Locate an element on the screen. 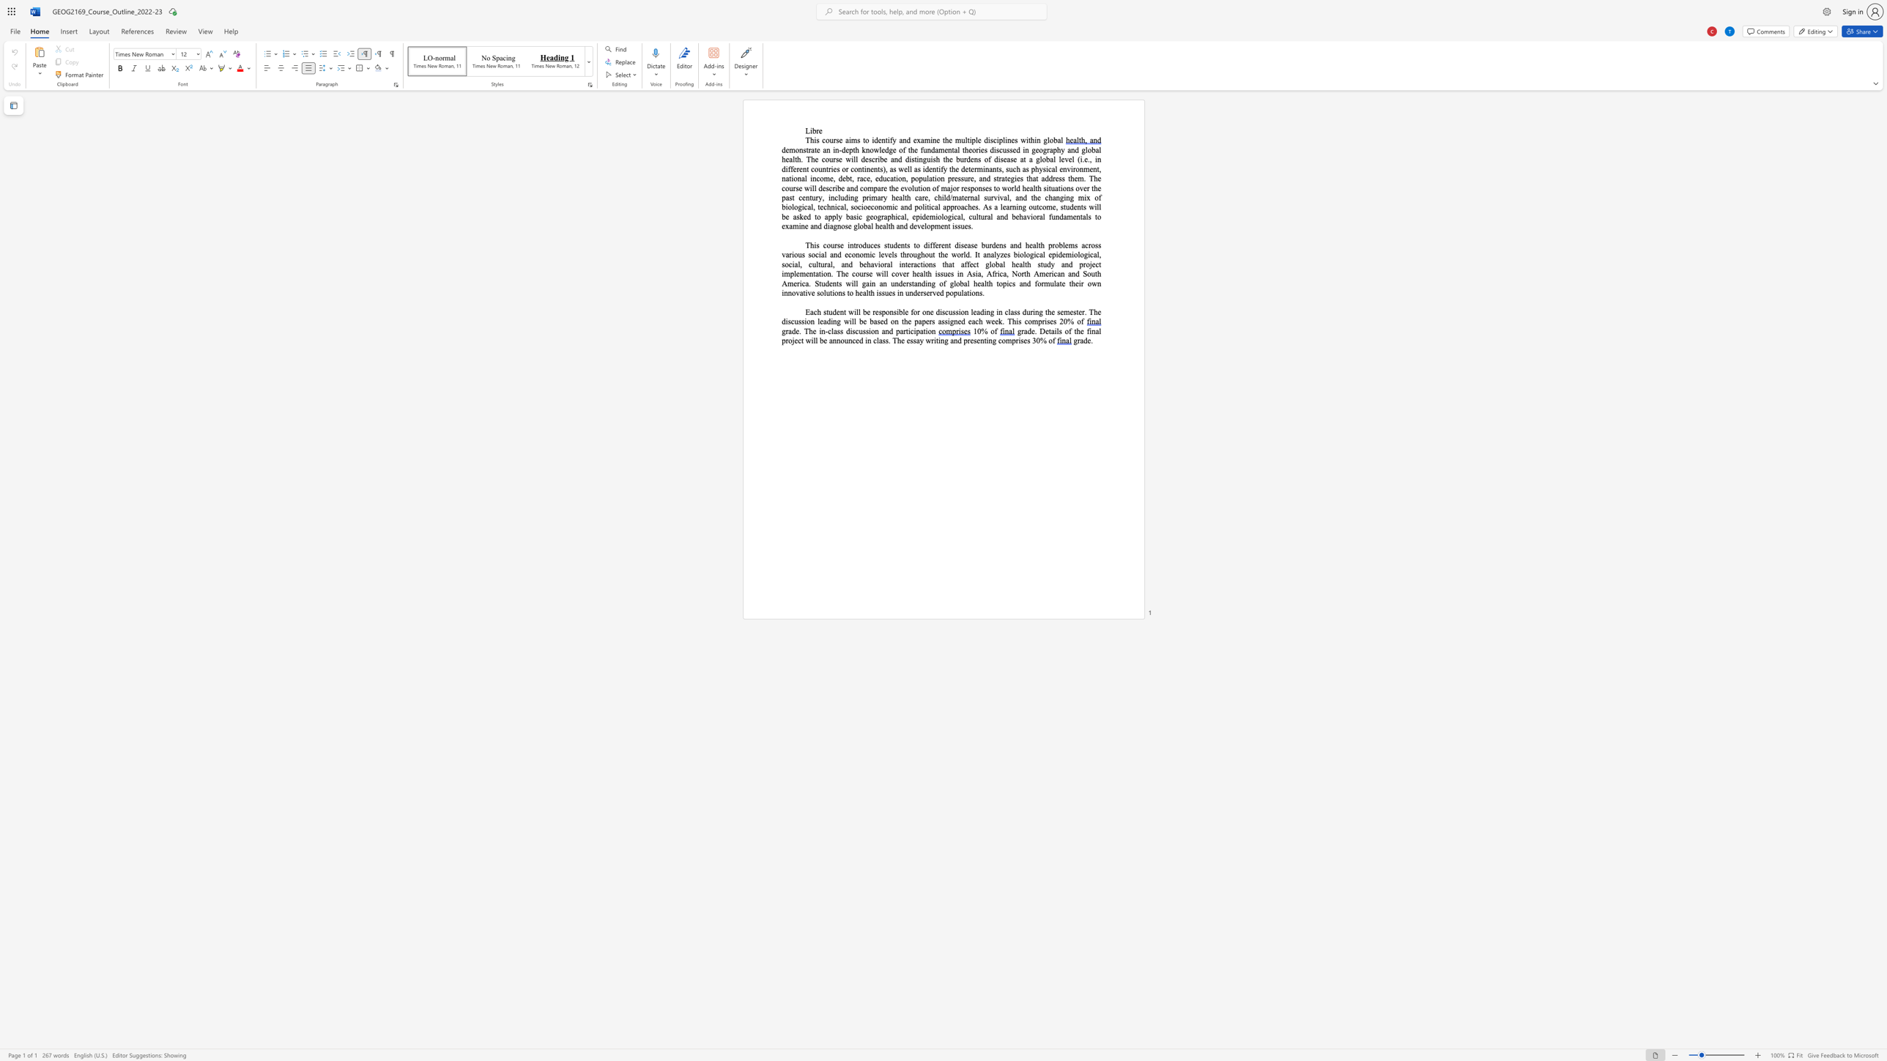 The height and width of the screenshot is (1061, 1887). the 1th character "p" in the text is located at coordinates (932, 226).